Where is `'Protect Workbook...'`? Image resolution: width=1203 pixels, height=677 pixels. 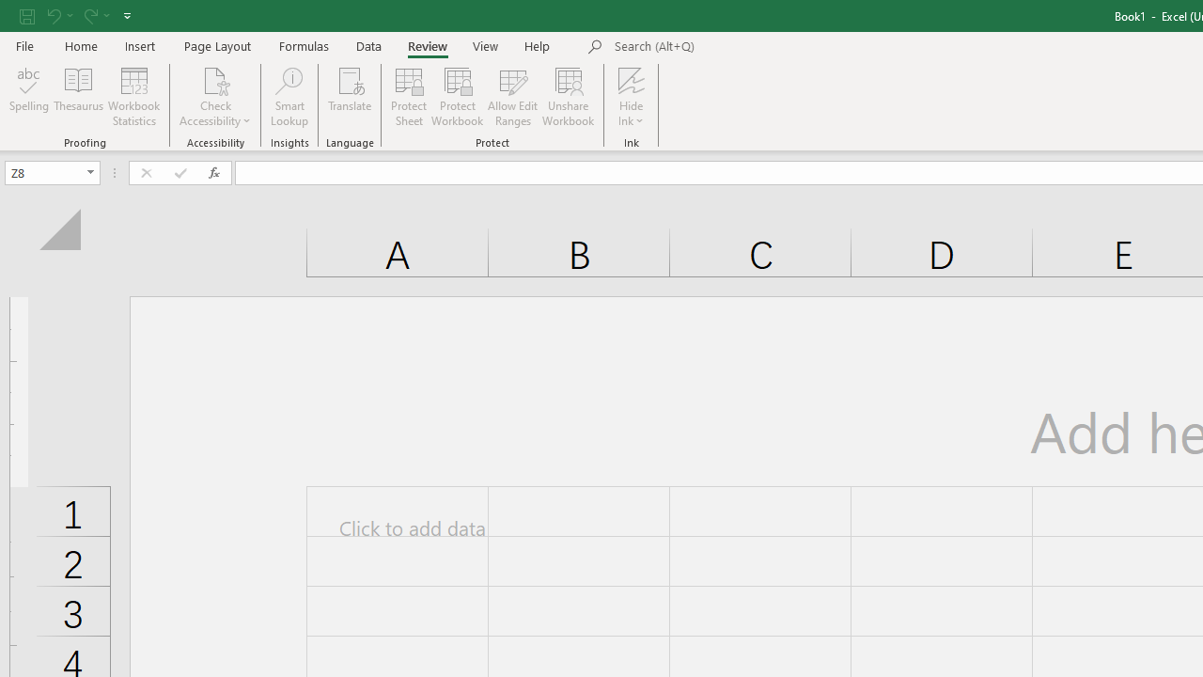 'Protect Workbook...' is located at coordinates (458, 97).